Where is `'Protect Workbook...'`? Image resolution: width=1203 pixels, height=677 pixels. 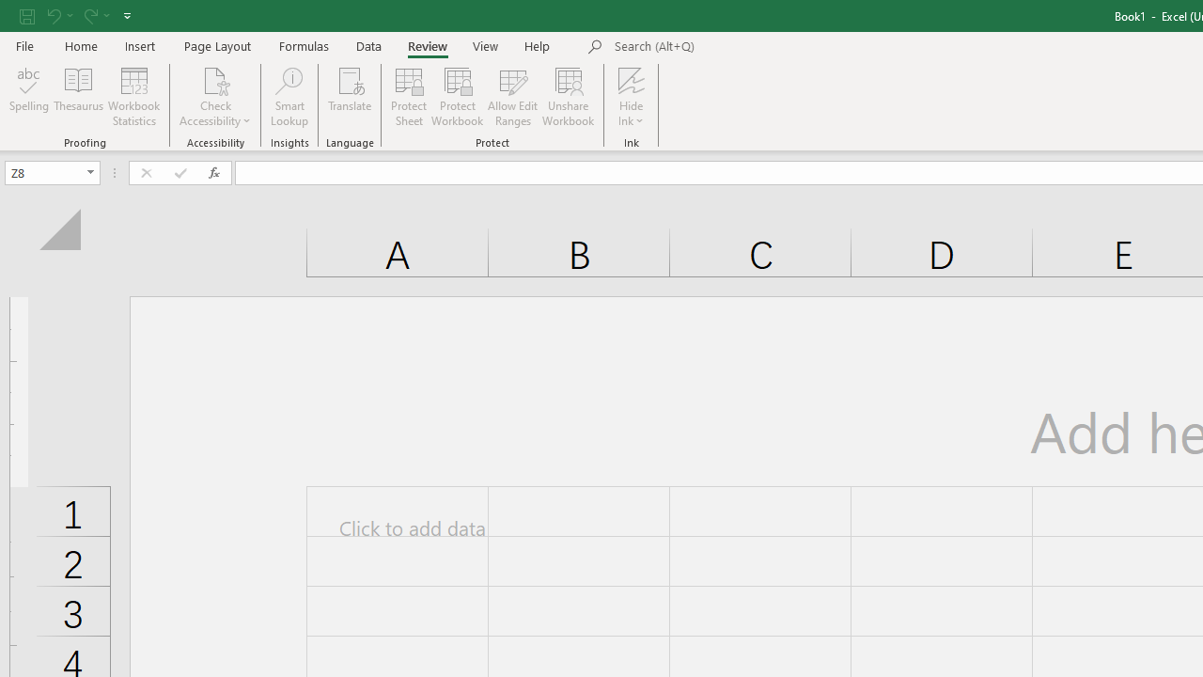 'Protect Workbook...' is located at coordinates (458, 97).